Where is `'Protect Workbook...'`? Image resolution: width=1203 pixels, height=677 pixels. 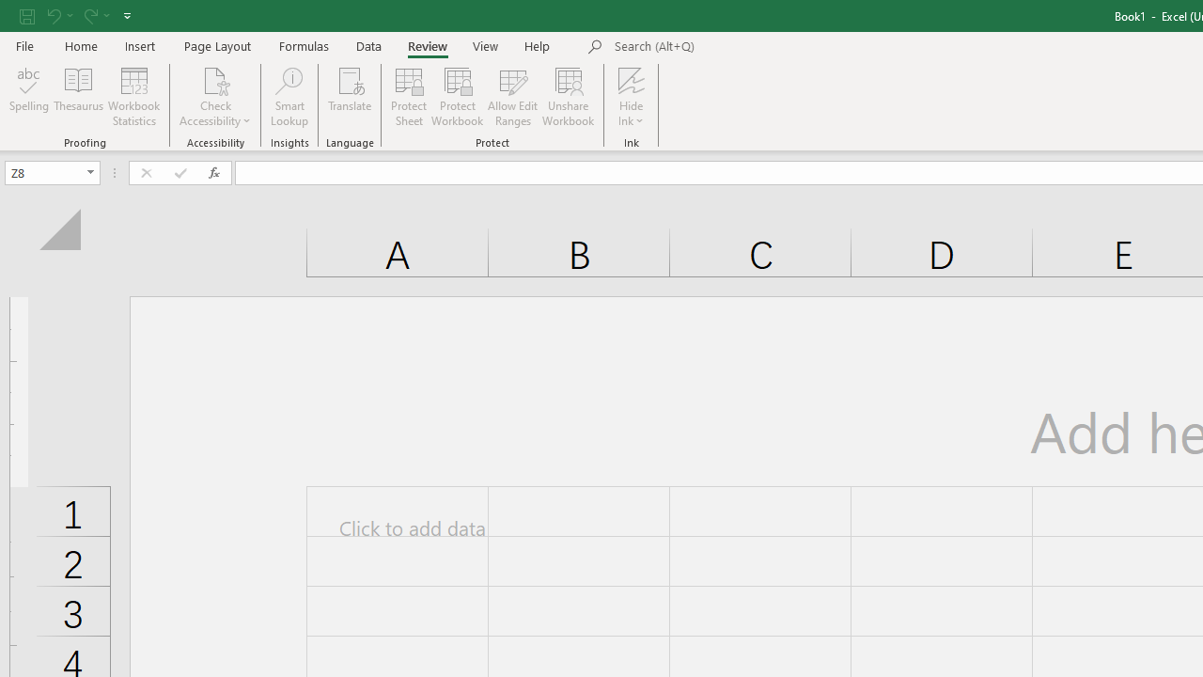 'Protect Workbook...' is located at coordinates (458, 97).